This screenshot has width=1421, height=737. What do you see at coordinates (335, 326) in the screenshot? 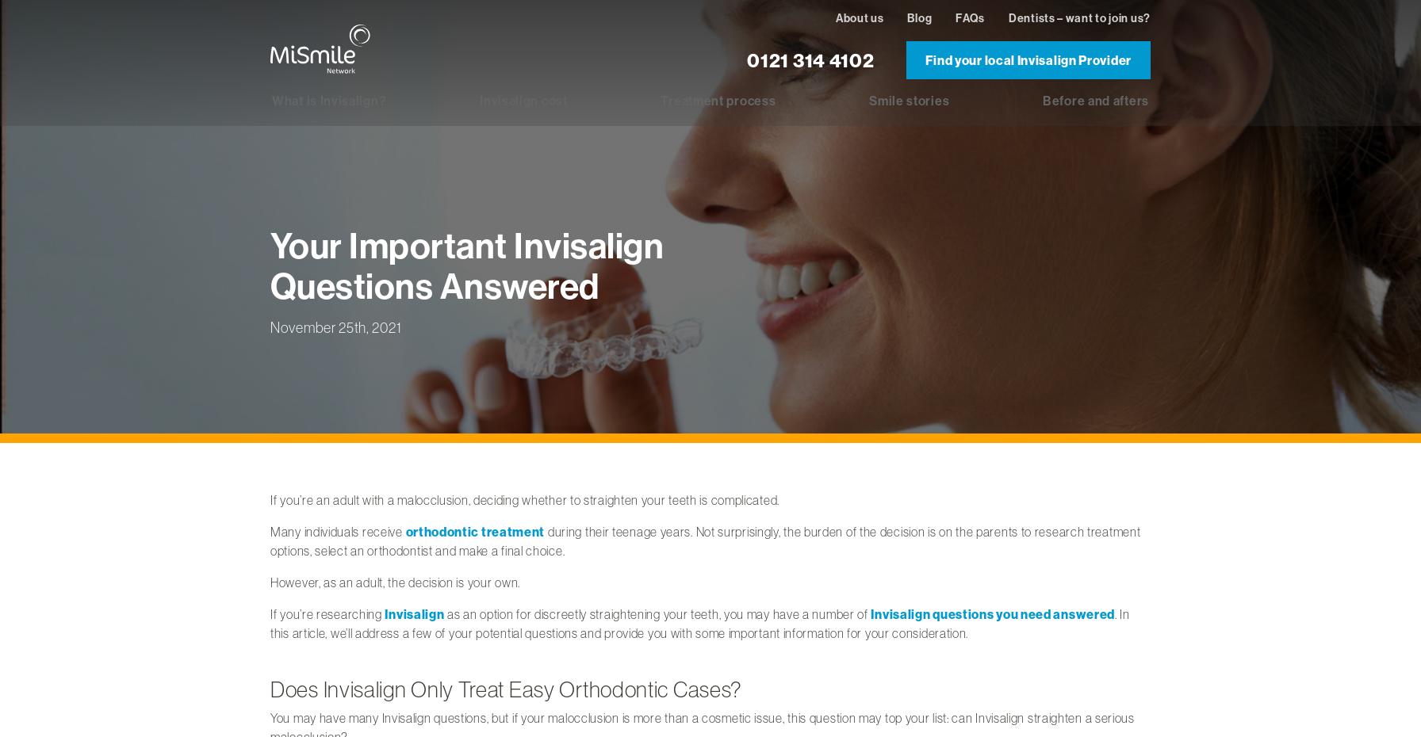
I see `'November 25th, 2021'` at bounding box center [335, 326].